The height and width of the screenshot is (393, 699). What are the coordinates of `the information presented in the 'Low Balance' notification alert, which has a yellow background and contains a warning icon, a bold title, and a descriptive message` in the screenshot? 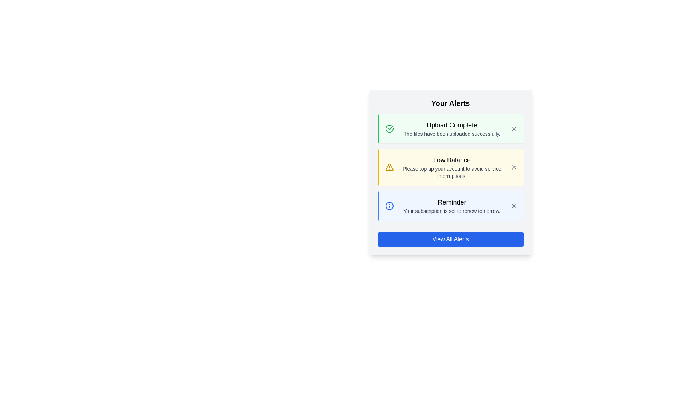 It's located at (450, 167).